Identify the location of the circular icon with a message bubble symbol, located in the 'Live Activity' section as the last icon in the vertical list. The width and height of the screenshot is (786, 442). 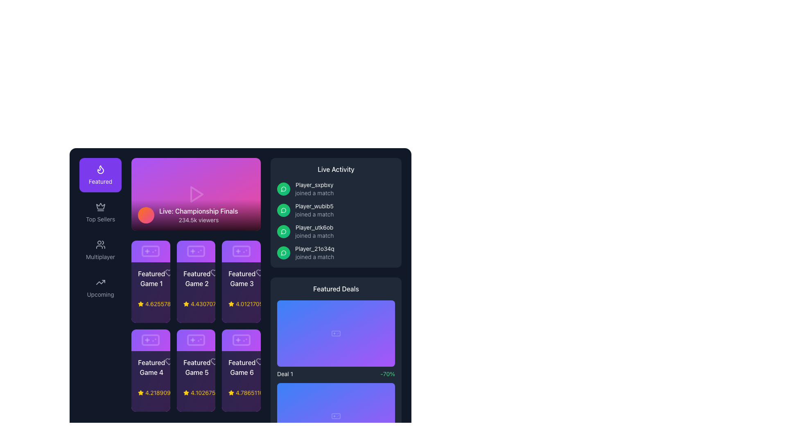
(283, 252).